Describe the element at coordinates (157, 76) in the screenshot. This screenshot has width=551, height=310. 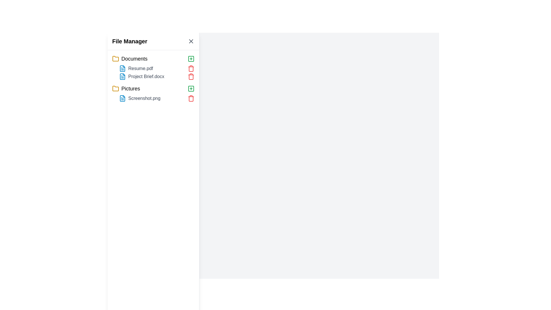
I see `the list item representing the file entry 'Project Brief.docx'` at that location.